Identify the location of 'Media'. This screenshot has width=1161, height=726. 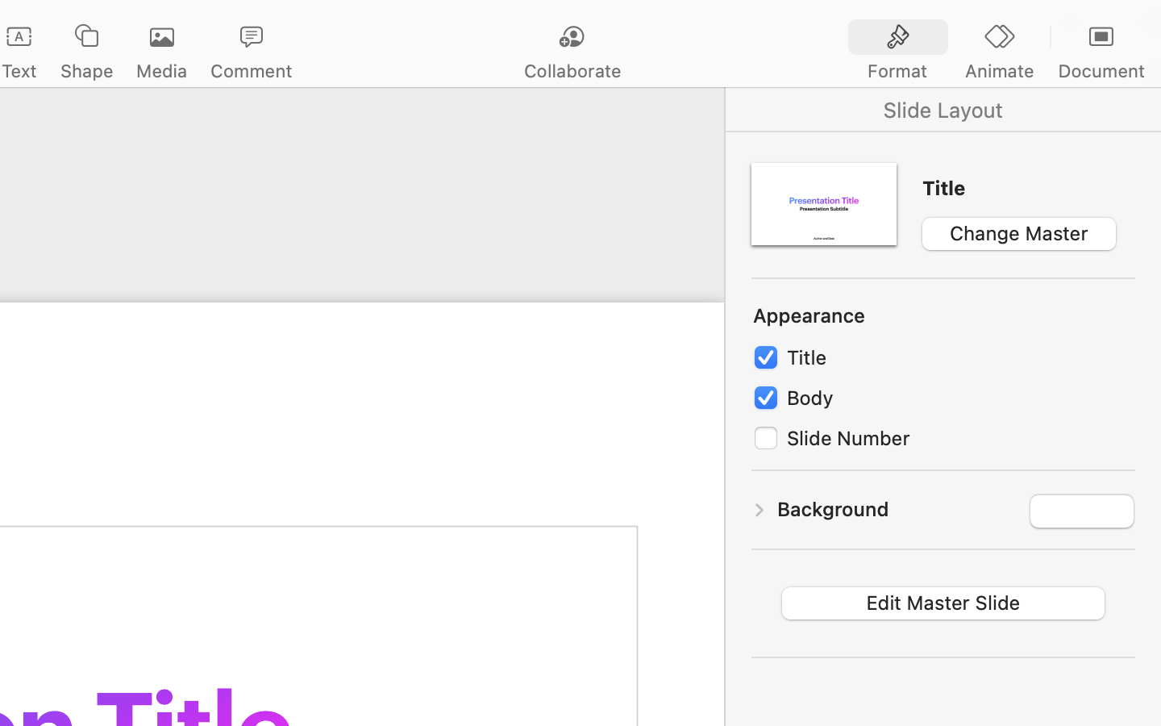
(161, 70).